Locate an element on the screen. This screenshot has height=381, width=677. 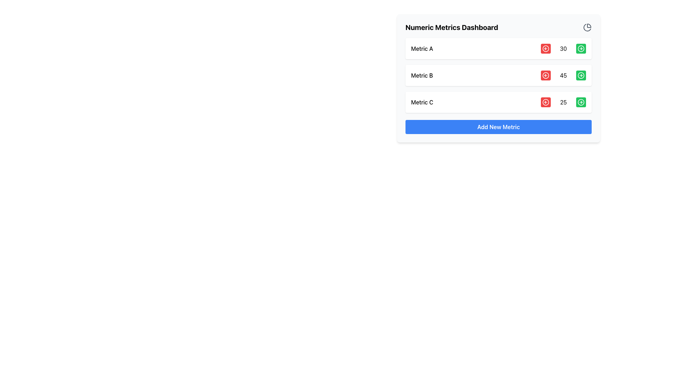
the pie chart icon with a highlighted segment located in the header region of the Numeric Metrics Dashboard, positioned on the far right is located at coordinates (587, 27).